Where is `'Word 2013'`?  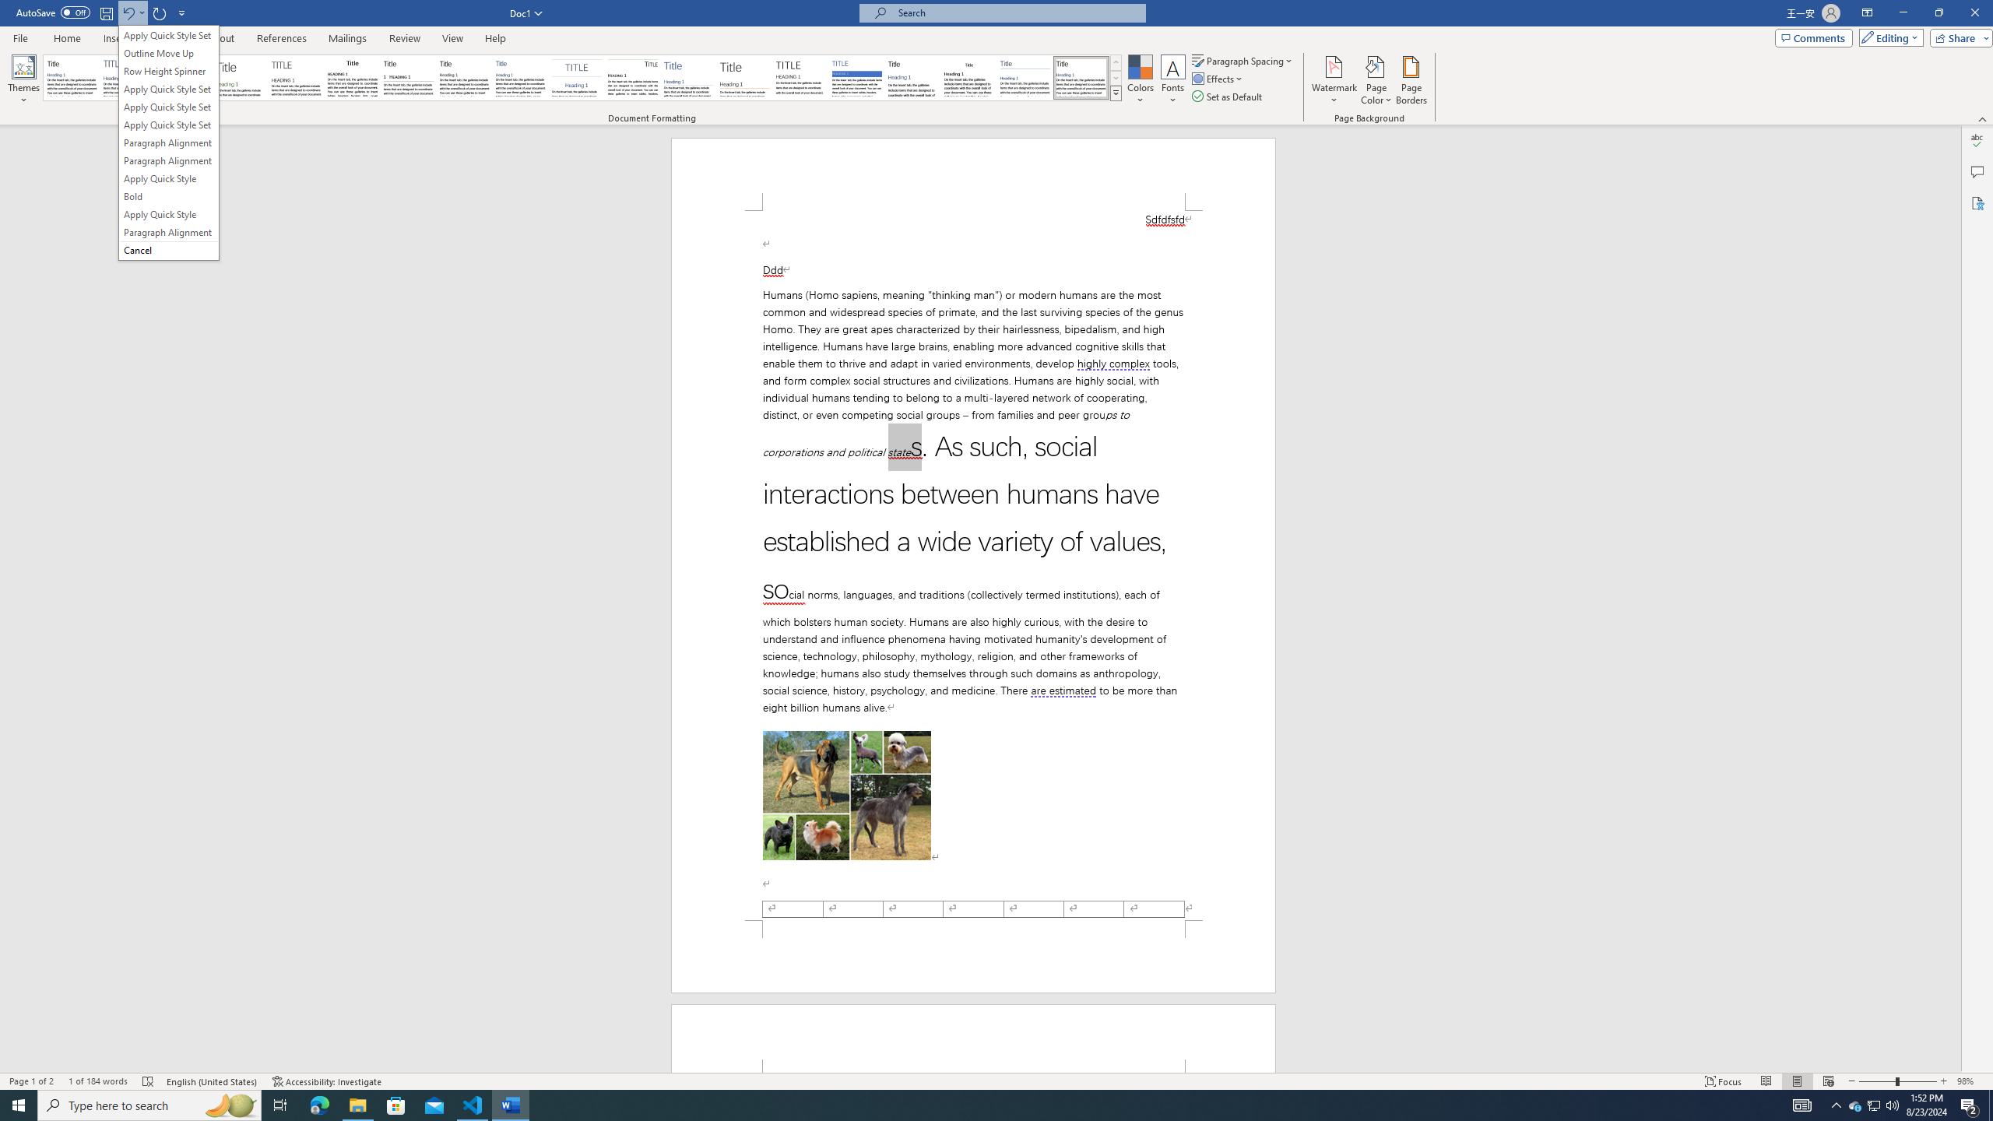
'Word 2013' is located at coordinates (1082, 77).